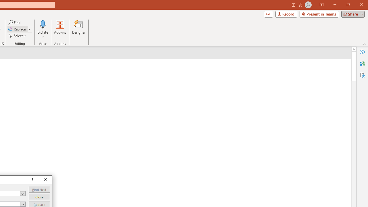 The width and height of the screenshot is (368, 207). Describe the element at coordinates (39, 189) in the screenshot. I see `'Find Next'` at that location.